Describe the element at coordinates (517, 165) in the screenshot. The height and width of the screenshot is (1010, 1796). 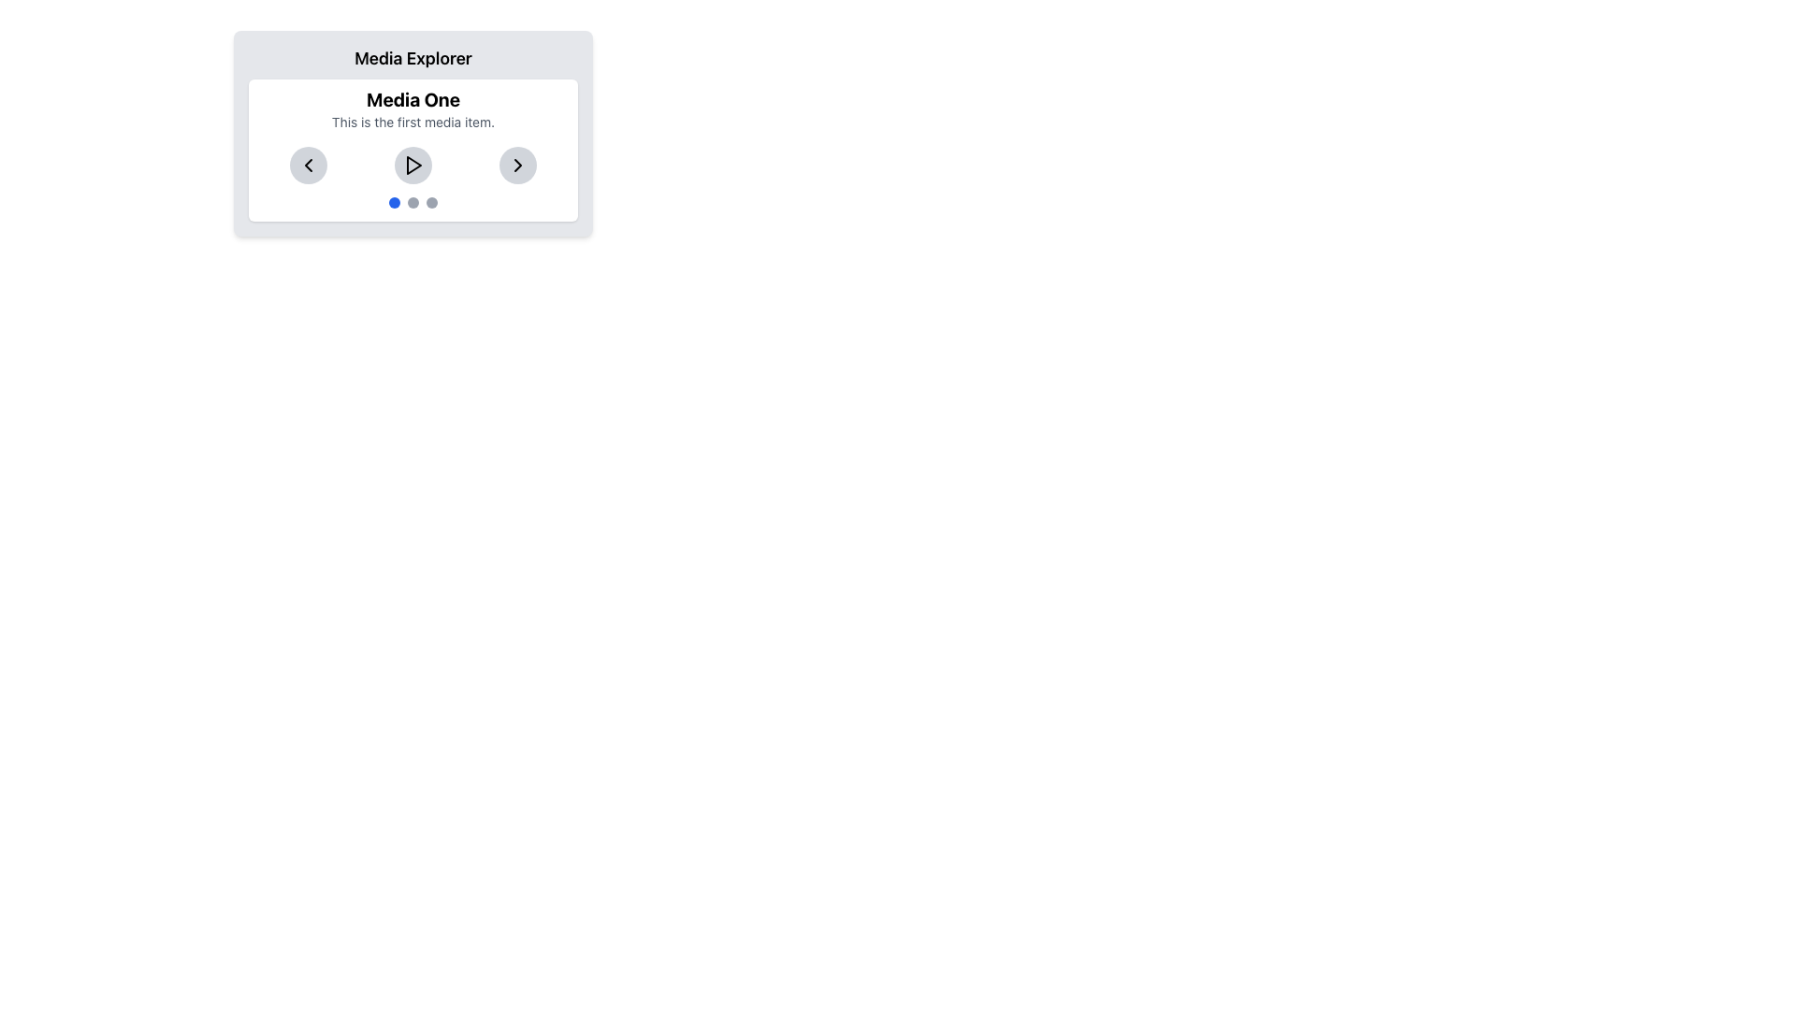
I see `the chevron arrow icon on the right side of the navigational controls` at that location.